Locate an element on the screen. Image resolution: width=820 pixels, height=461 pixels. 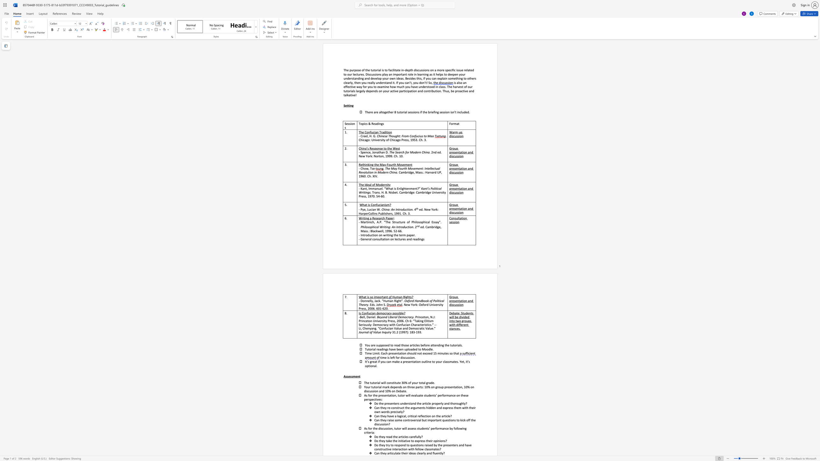
the subset text "le" within the text "an important role" is located at coordinates (410, 74).